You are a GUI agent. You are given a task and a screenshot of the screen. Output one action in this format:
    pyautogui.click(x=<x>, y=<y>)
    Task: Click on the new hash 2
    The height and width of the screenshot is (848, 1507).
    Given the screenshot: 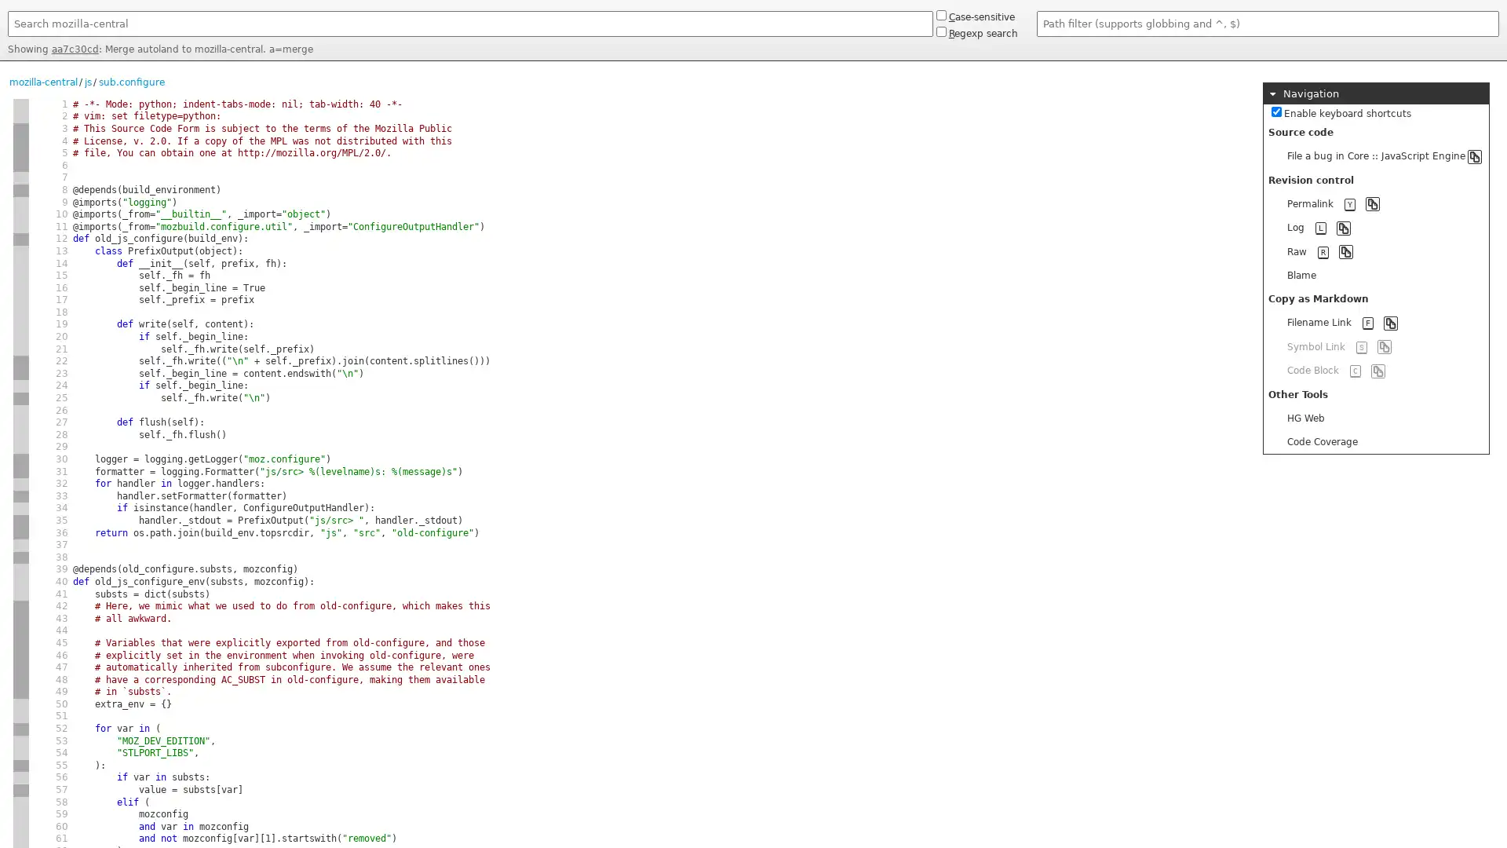 What is the action you would take?
    pyautogui.click(x=21, y=605)
    